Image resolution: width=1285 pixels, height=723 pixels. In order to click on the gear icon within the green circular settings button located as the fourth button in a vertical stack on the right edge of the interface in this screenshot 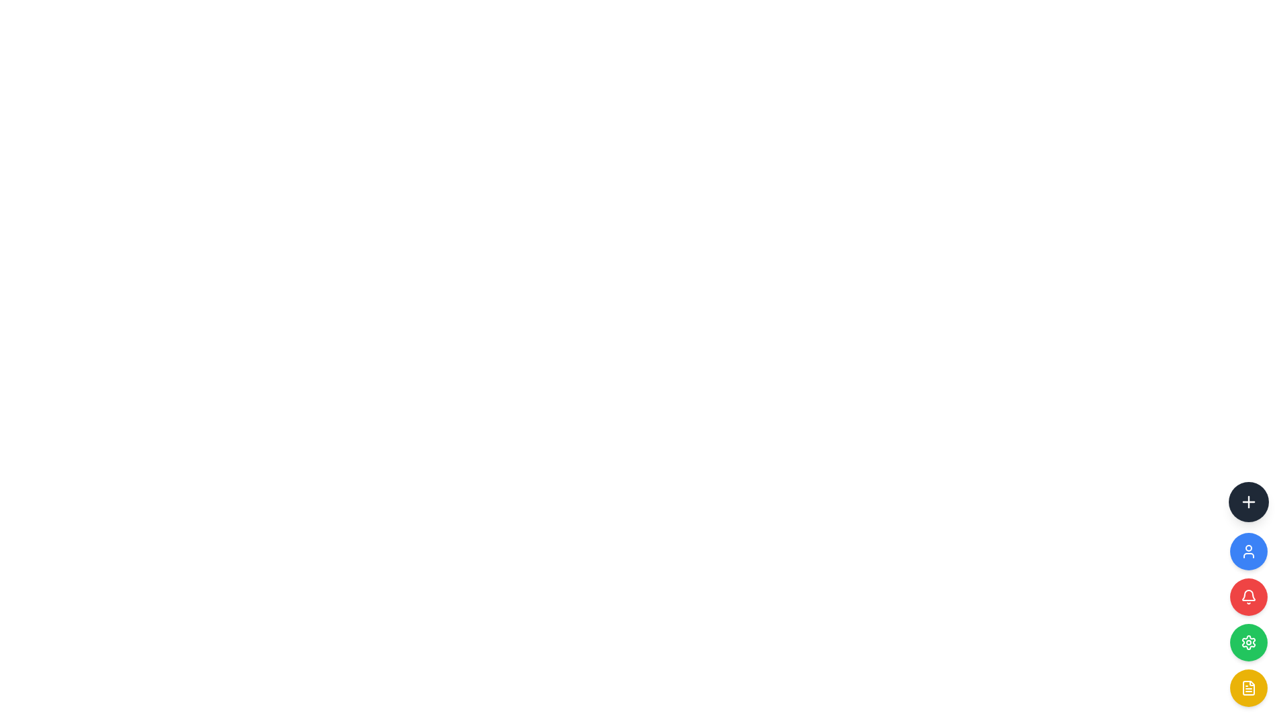, I will do `click(1248, 642)`.